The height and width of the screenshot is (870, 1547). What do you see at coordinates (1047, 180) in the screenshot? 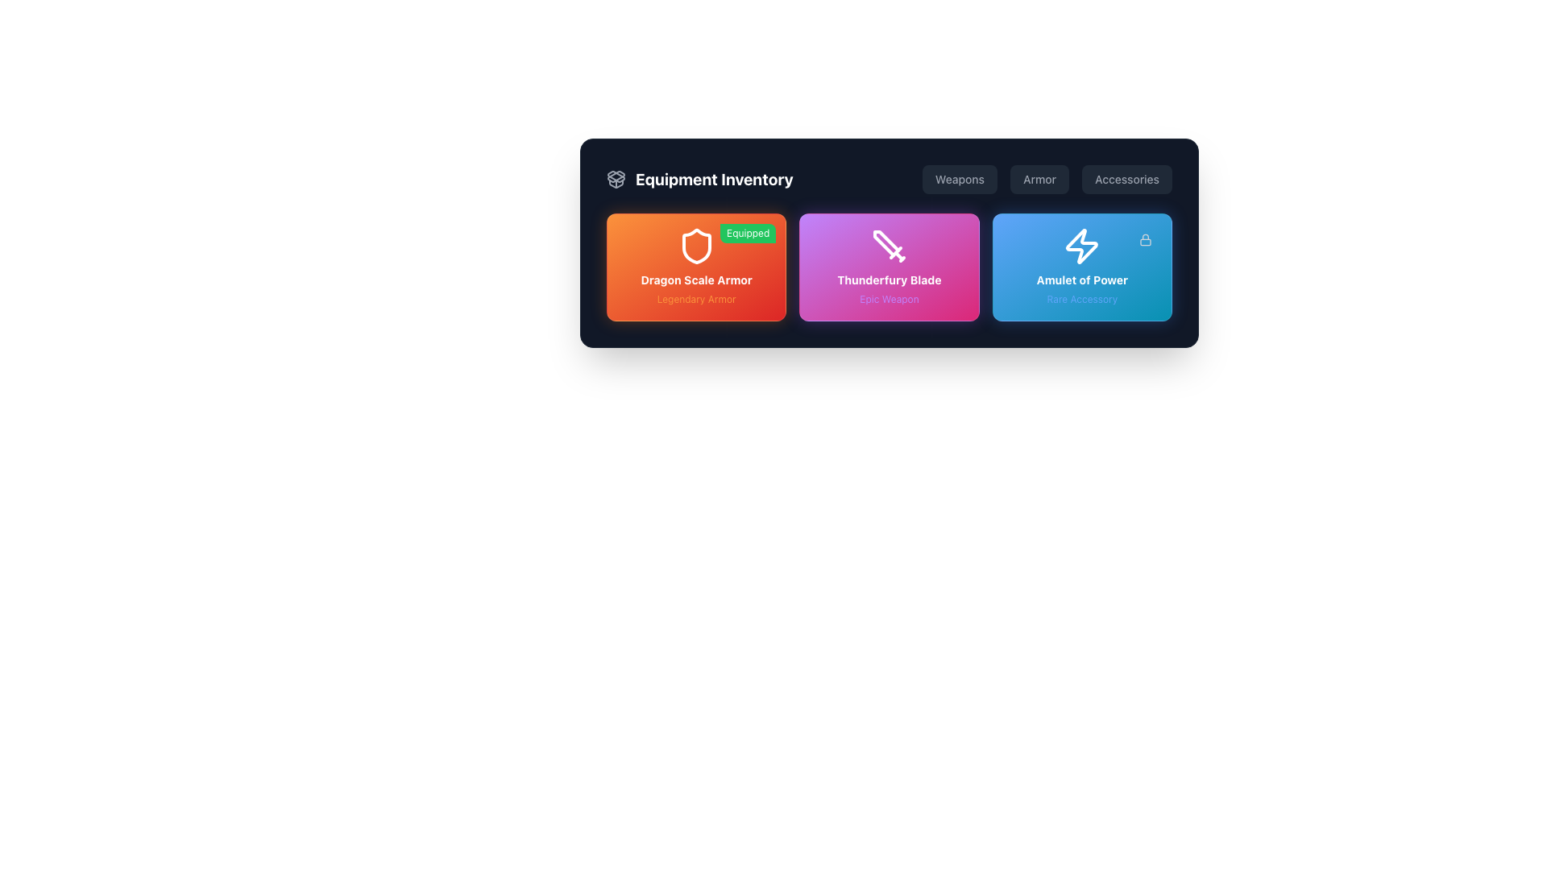
I see `the middle button labeled 'Armor' in the Equipment Inventory section` at bounding box center [1047, 180].